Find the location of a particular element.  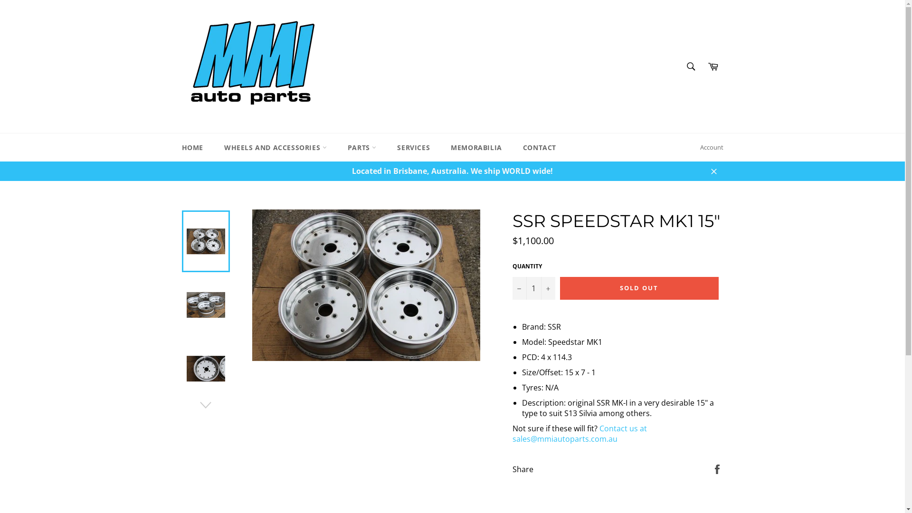

'SERVICES' is located at coordinates (388, 147).